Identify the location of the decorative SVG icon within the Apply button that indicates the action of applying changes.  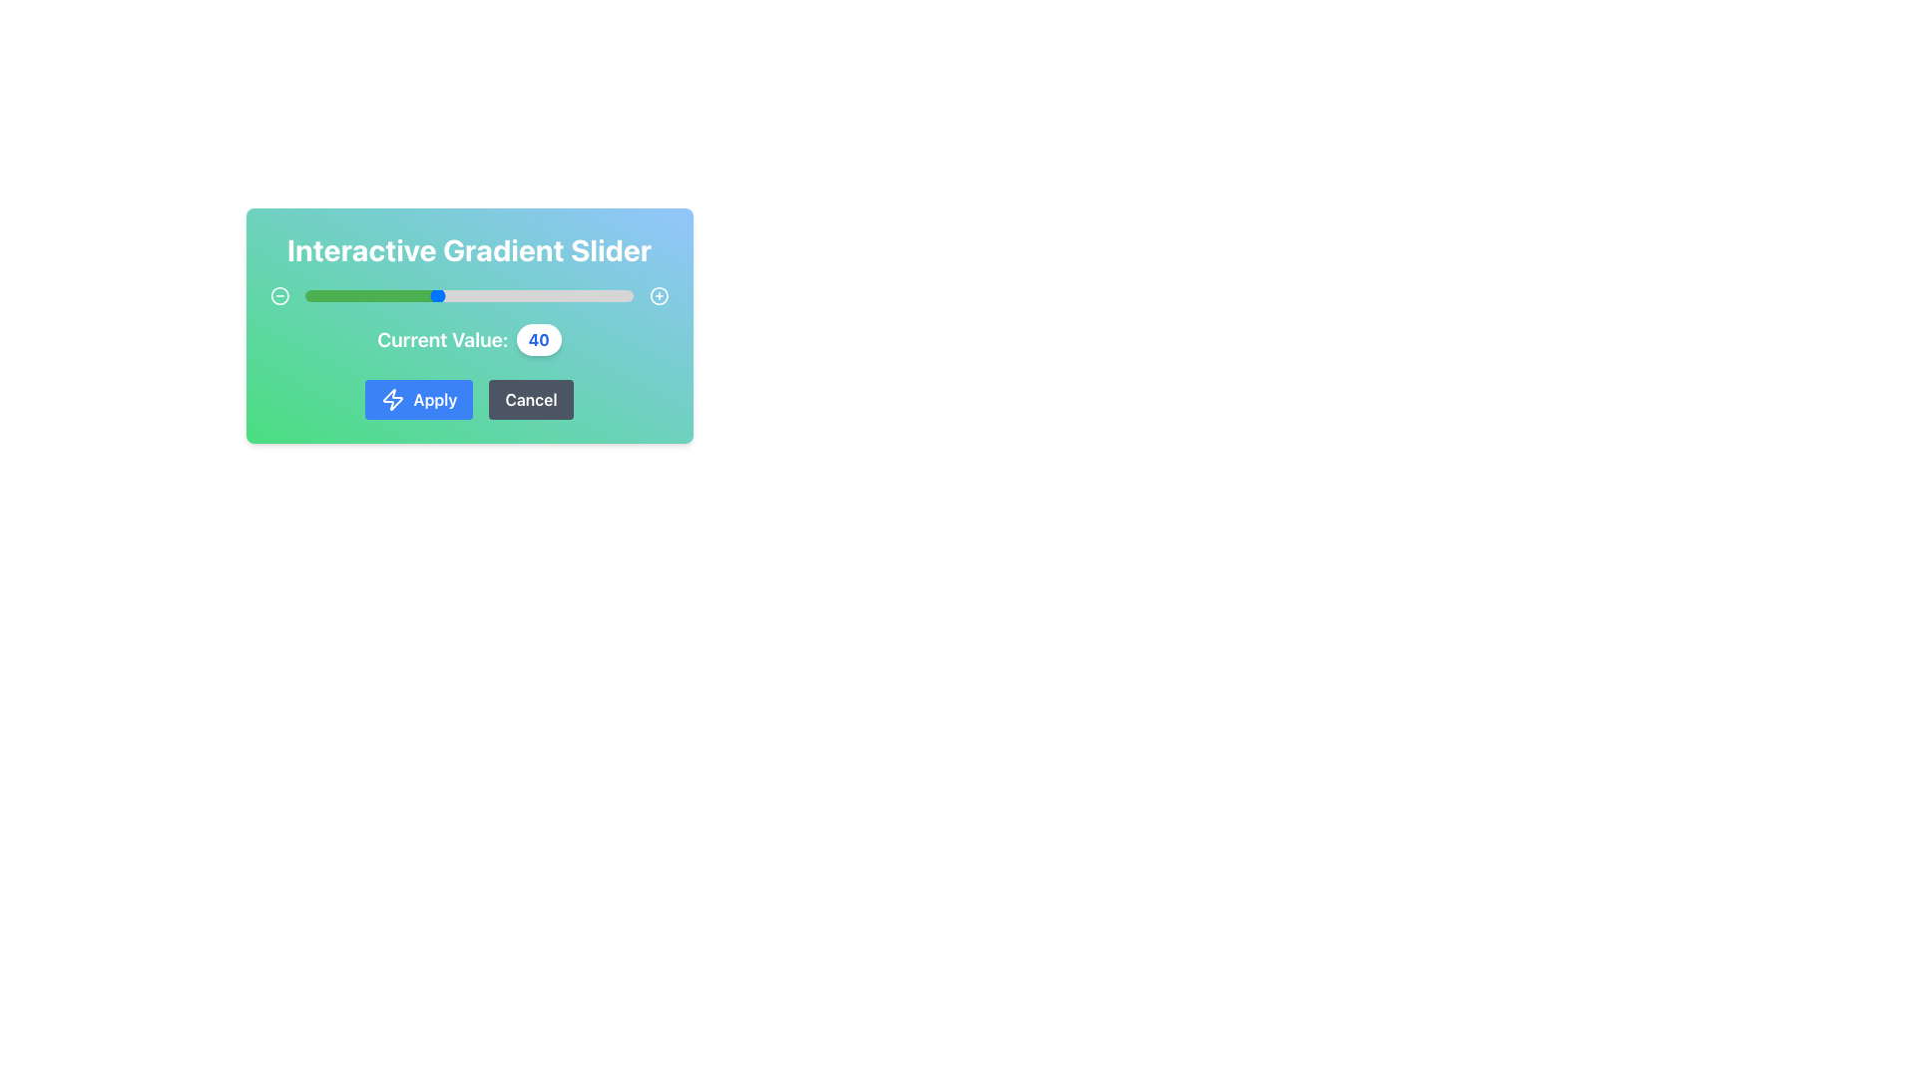
(393, 400).